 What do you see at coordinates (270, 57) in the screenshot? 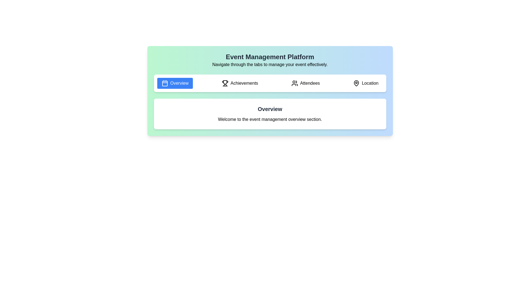
I see `the text label displaying 'Event Management Platform', which is prominently positioned at the top-center of the interface, styled in bold with a dark gray color against a gradient background` at bounding box center [270, 57].